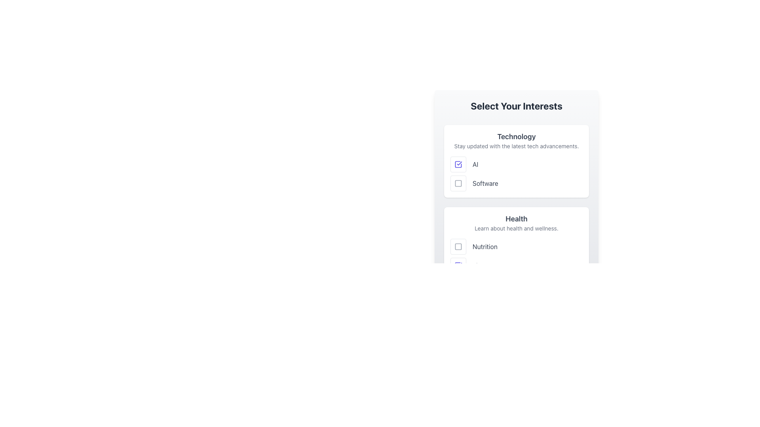 The width and height of the screenshot is (760, 427). Describe the element at coordinates (458, 183) in the screenshot. I see `the unselected 'Software' checkbox indicator` at that location.